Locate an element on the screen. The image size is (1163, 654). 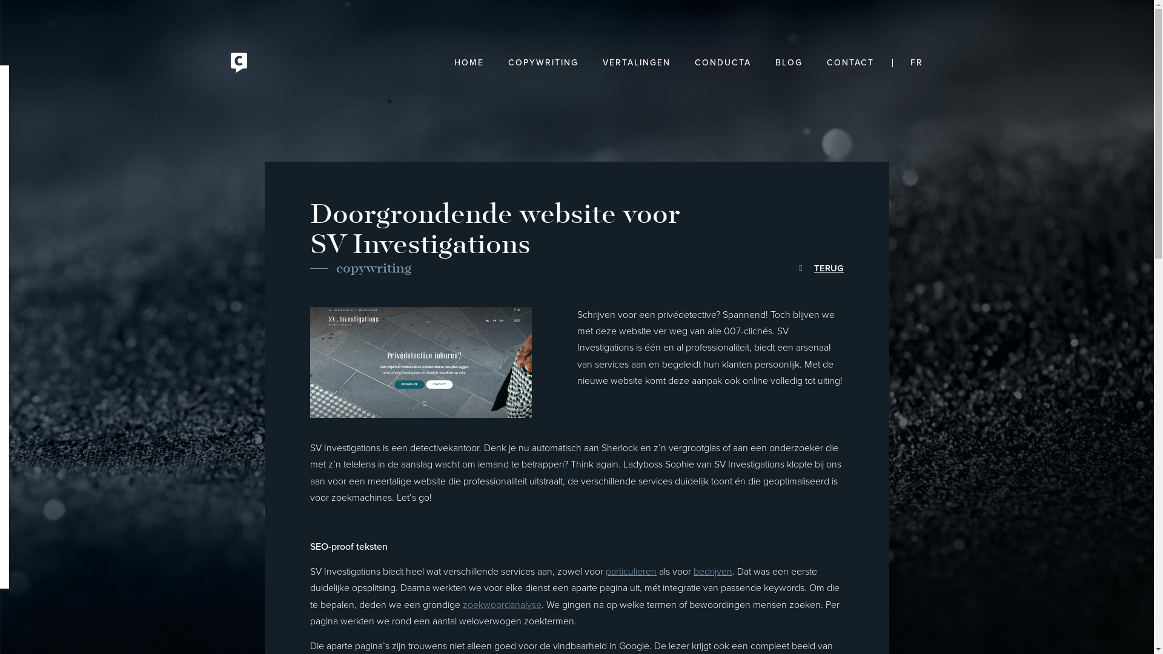
'CONDUCTA' is located at coordinates (723, 62).